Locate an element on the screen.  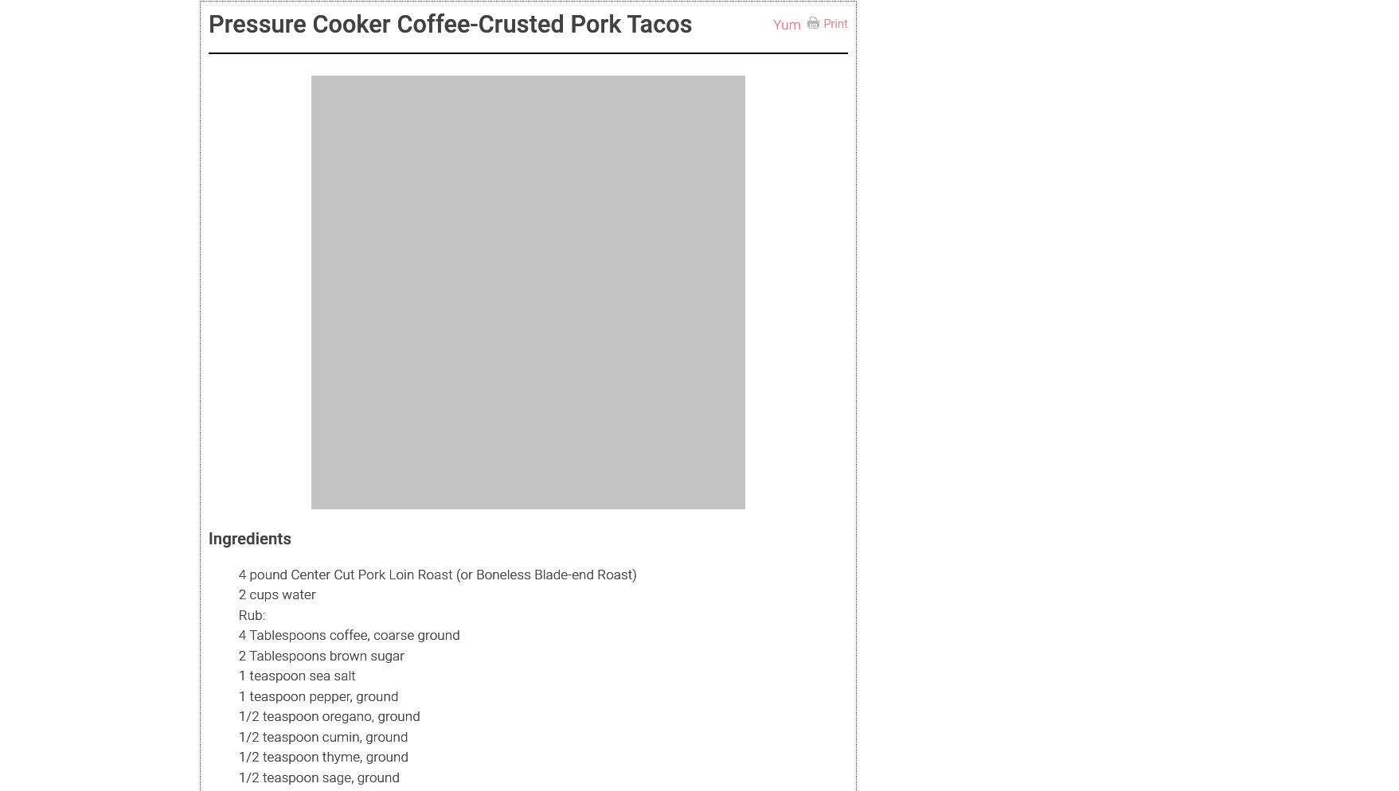
'2 Tablespoons brown sugar' is located at coordinates (320, 654).